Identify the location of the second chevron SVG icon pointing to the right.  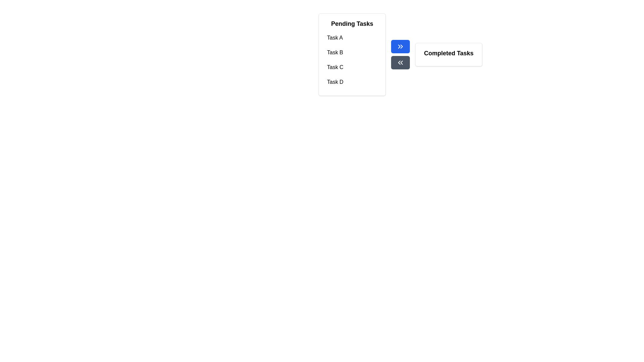
(401, 46).